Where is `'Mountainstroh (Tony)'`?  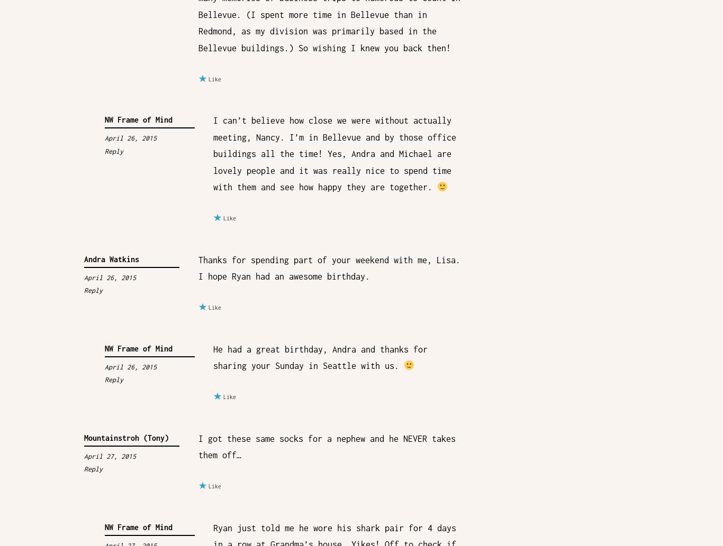 'Mountainstroh (Tony)' is located at coordinates (126, 437).